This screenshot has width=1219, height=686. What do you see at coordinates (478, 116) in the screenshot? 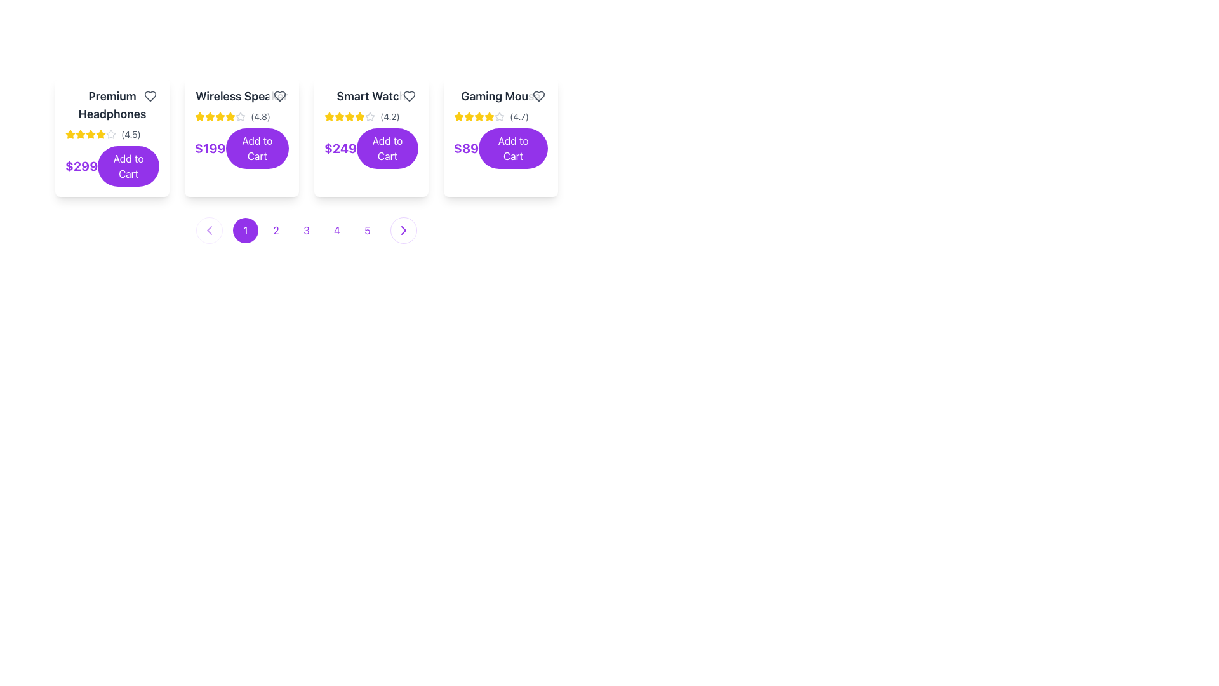
I see `the third star icon in the five-star rating system for the 'Gaming Mouse' product to possibly interact or display additional information` at bounding box center [478, 116].